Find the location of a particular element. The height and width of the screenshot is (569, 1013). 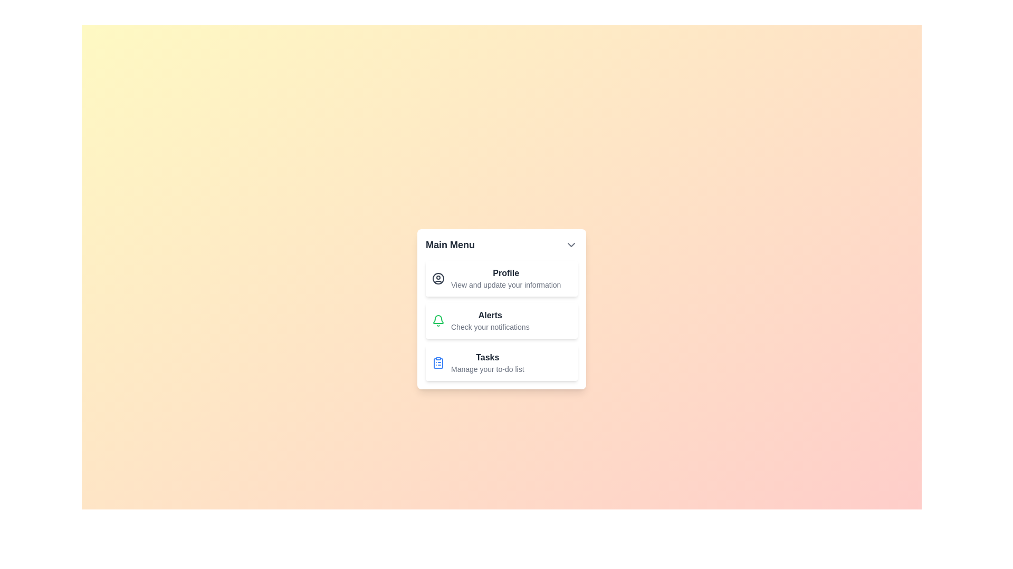

the menu item 'Tasks' to highlight it is located at coordinates (501, 362).